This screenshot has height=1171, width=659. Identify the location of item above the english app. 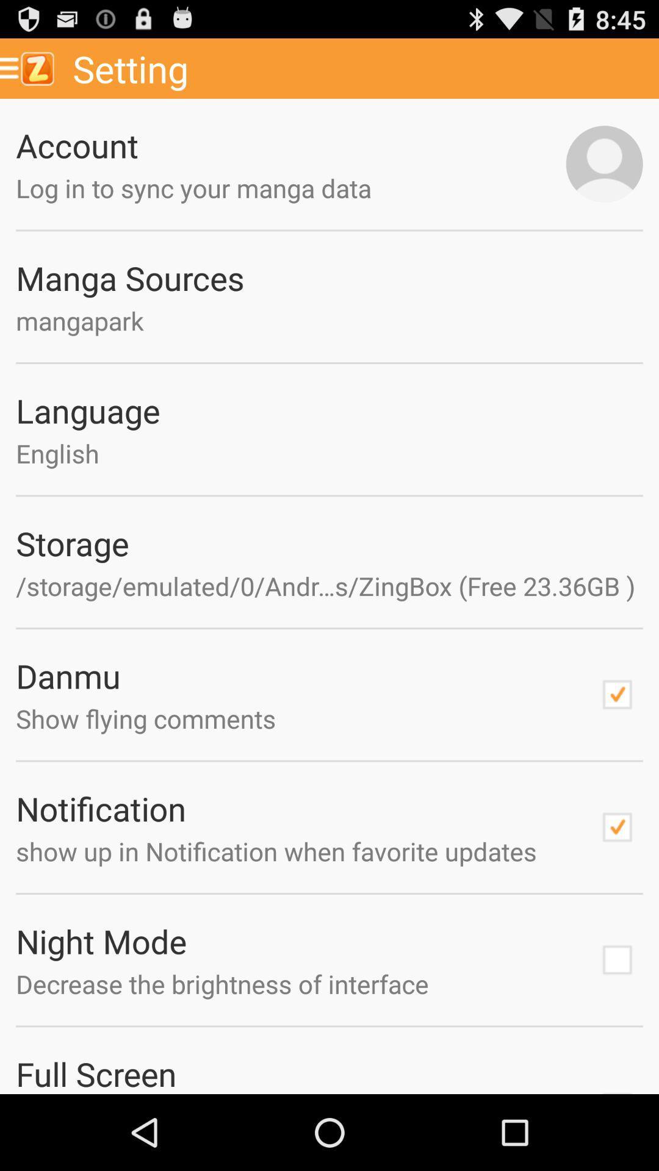
(329, 410).